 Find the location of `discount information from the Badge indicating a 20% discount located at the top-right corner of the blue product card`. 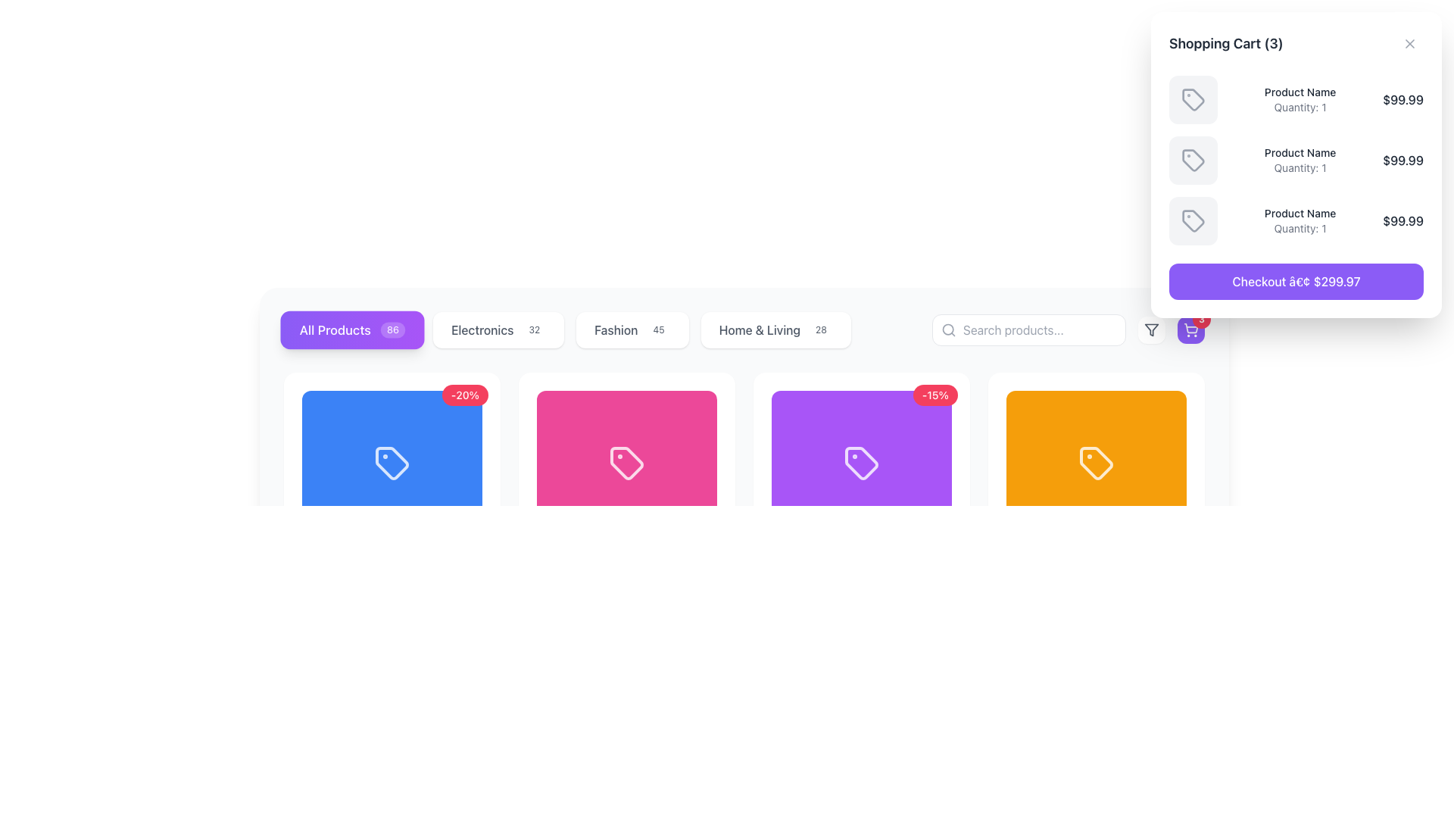

discount information from the Badge indicating a 20% discount located at the top-right corner of the blue product card is located at coordinates (464, 394).